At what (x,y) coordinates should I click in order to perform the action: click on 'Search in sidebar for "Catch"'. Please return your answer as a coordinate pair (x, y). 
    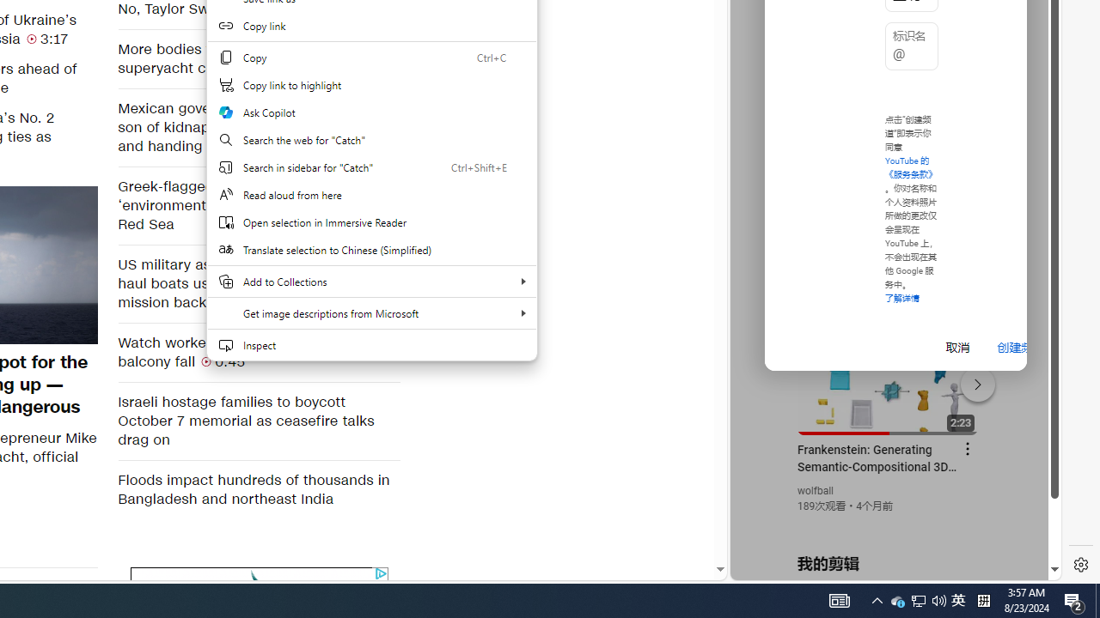
    Looking at the image, I should click on (370, 167).